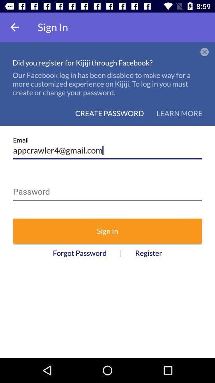 The width and height of the screenshot is (215, 383). Describe the element at coordinates (14, 27) in the screenshot. I see `item to the left of the sign in icon` at that location.